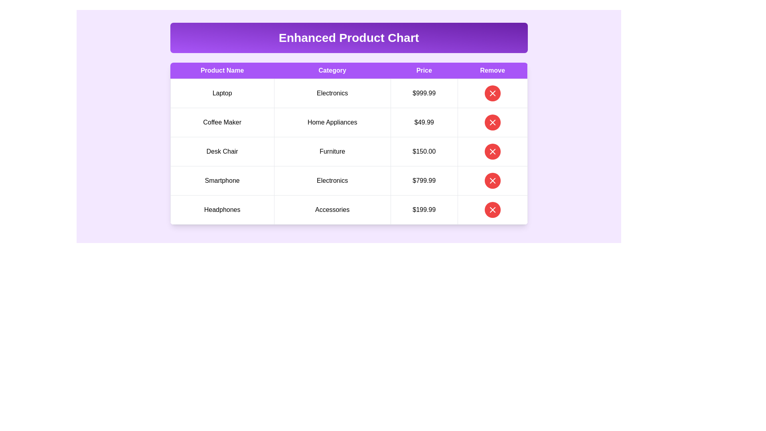 The width and height of the screenshot is (766, 431). Describe the element at coordinates (332, 152) in the screenshot. I see `the text label that reads 'Furniture' located in the 'Category' column of the 'Desk Chair' row` at that location.